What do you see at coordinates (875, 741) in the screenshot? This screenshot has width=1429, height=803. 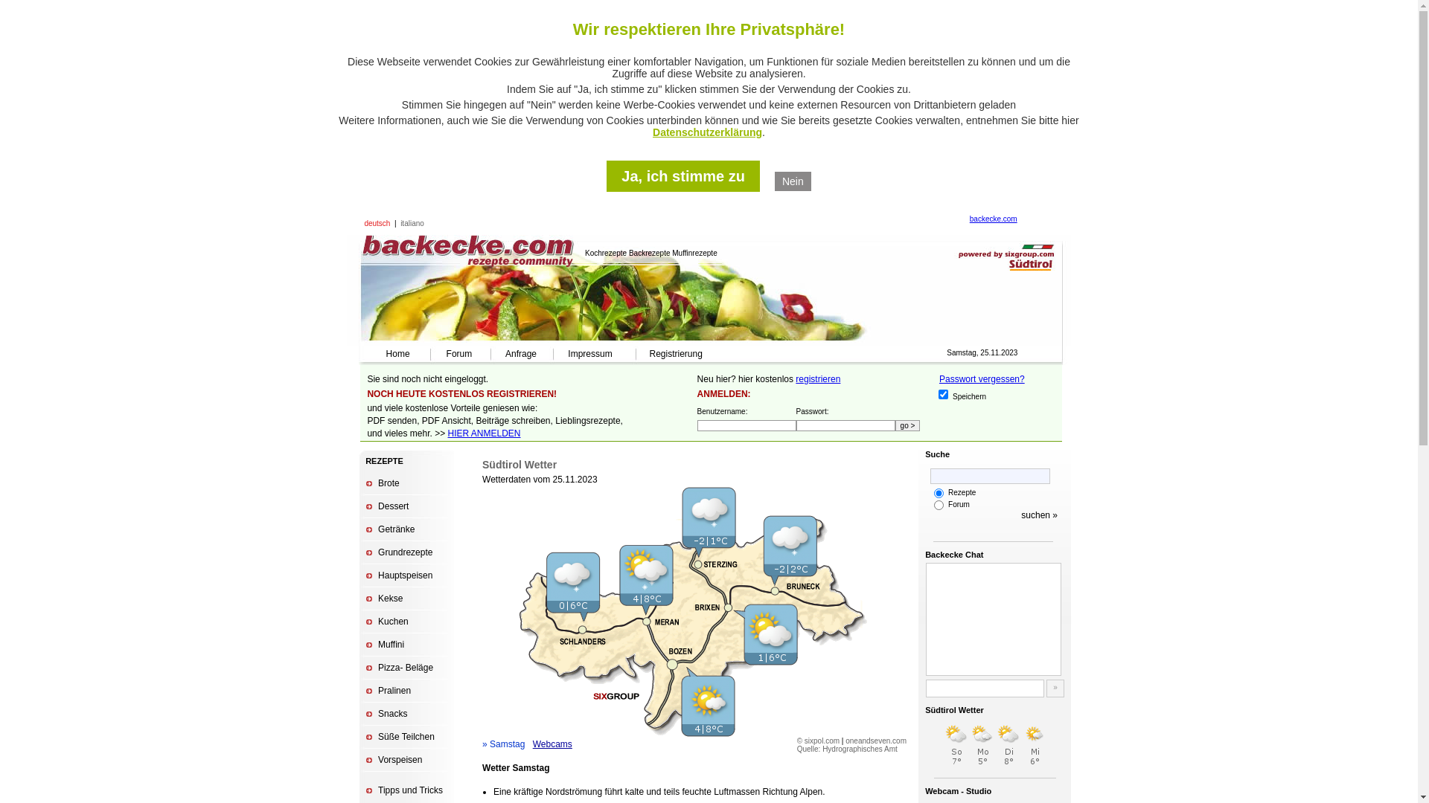 I see `'oneandseven.com'` at bounding box center [875, 741].